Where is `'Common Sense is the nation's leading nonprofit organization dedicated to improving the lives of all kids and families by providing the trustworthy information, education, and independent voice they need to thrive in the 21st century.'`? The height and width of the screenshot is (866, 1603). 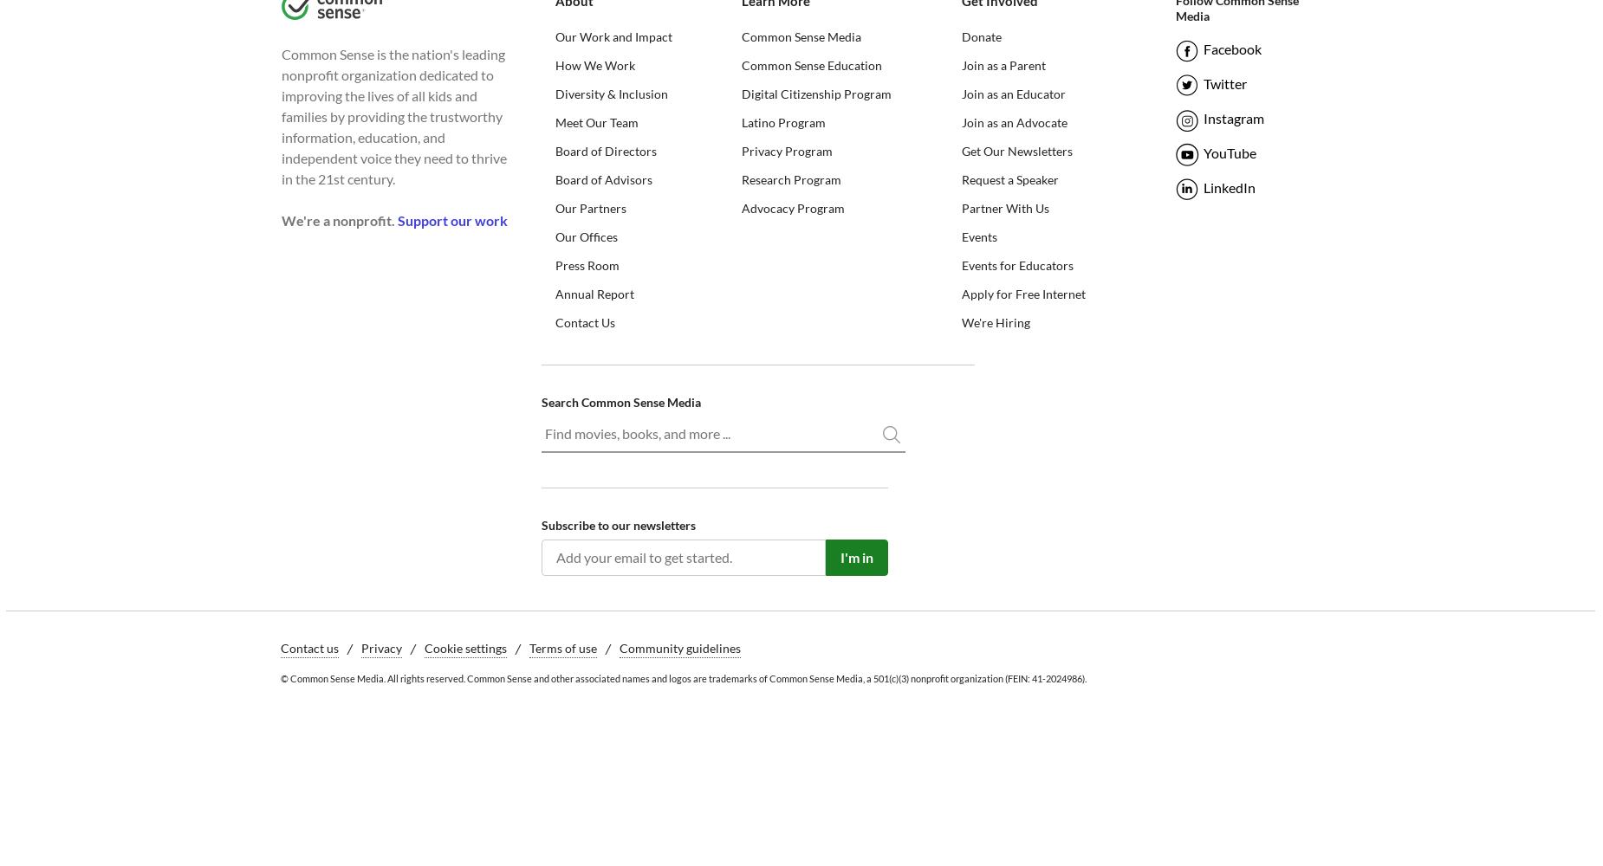 'Common Sense is the nation's leading nonprofit organization dedicated to improving the lives of all kids and families by providing the trustworthy information, education, and independent voice they need to thrive in the 21st century.' is located at coordinates (393, 115).